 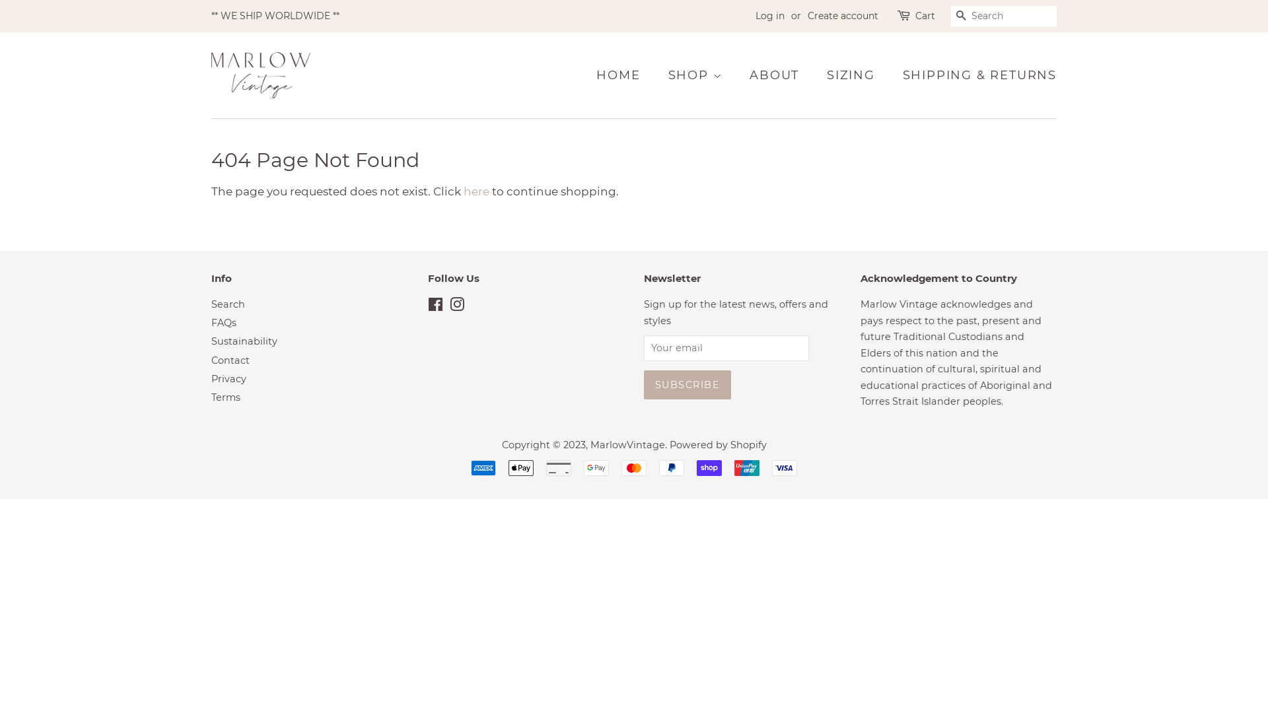 I want to click on 'FAQs', so click(x=224, y=323).